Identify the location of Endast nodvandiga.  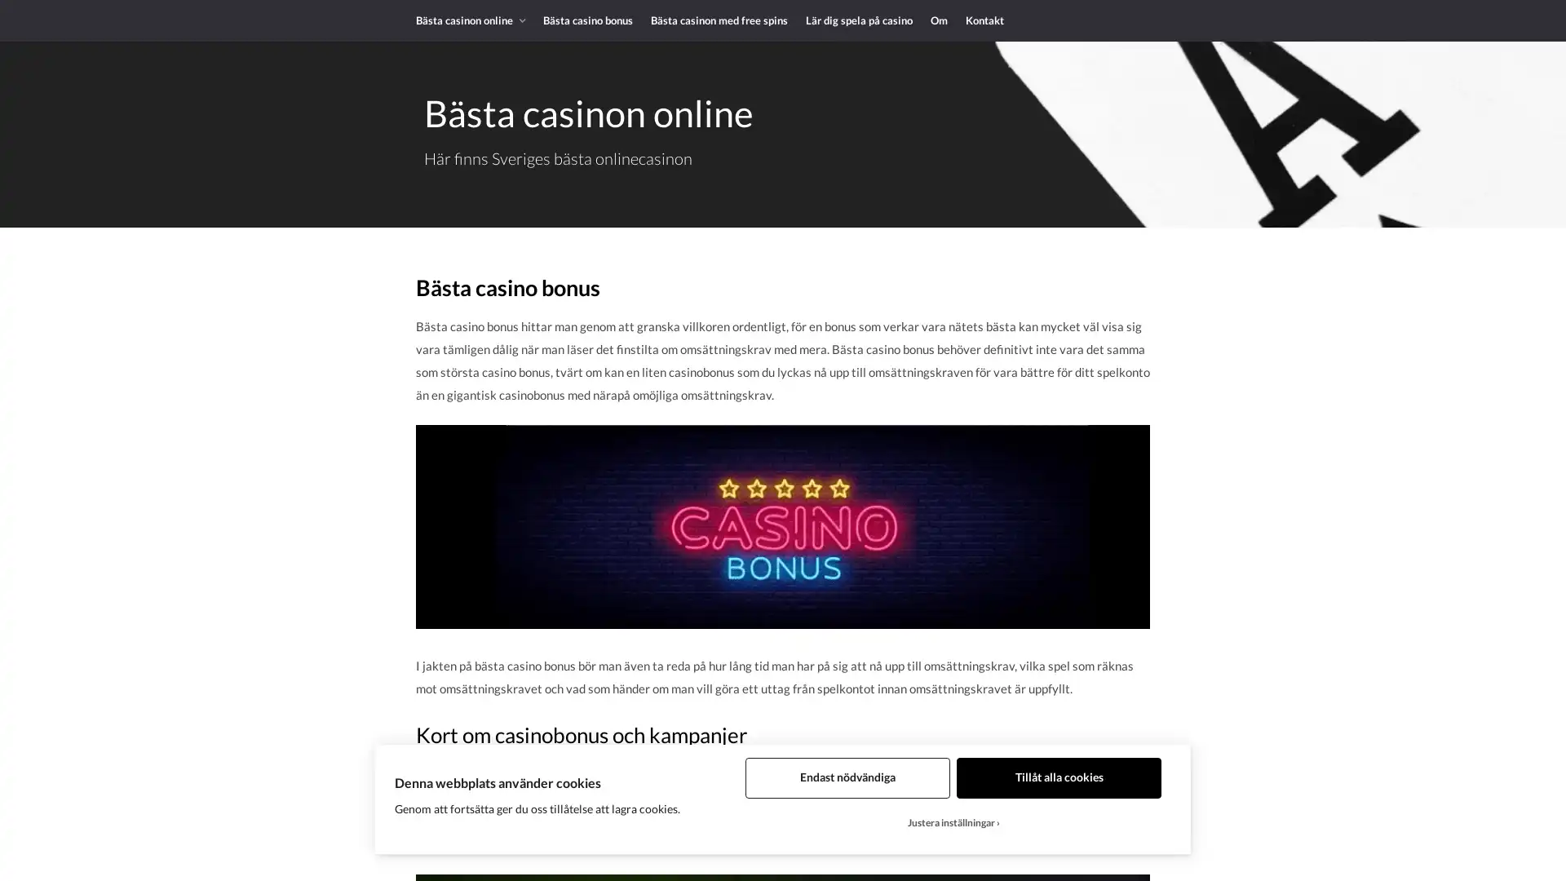
(847, 777).